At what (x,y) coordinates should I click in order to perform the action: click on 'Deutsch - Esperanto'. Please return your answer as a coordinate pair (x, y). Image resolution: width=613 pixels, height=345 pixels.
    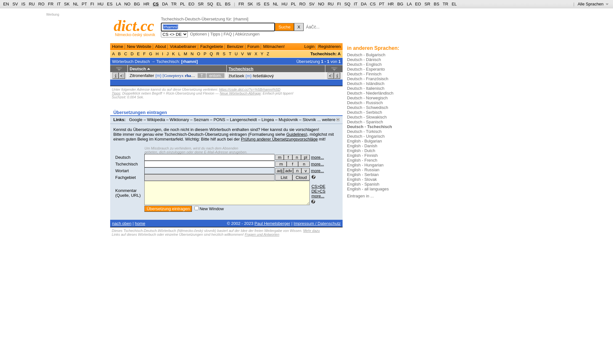
    Looking at the image, I should click on (366, 69).